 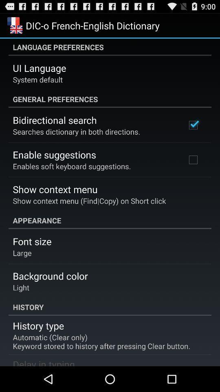 What do you see at coordinates (193, 125) in the screenshot?
I see `the selected box to the right of bidirectional search text` at bounding box center [193, 125].